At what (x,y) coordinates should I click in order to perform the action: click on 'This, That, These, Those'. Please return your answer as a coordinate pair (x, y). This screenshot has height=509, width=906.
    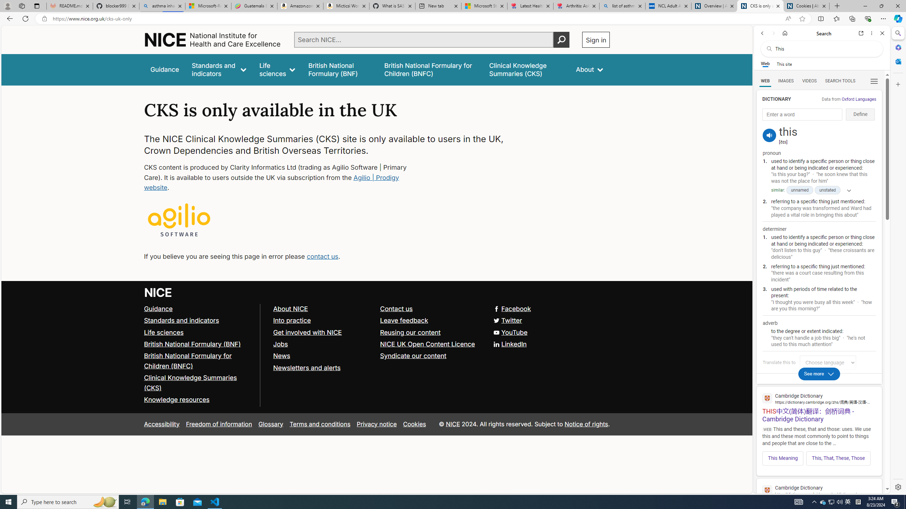
    Looking at the image, I should click on (838, 458).